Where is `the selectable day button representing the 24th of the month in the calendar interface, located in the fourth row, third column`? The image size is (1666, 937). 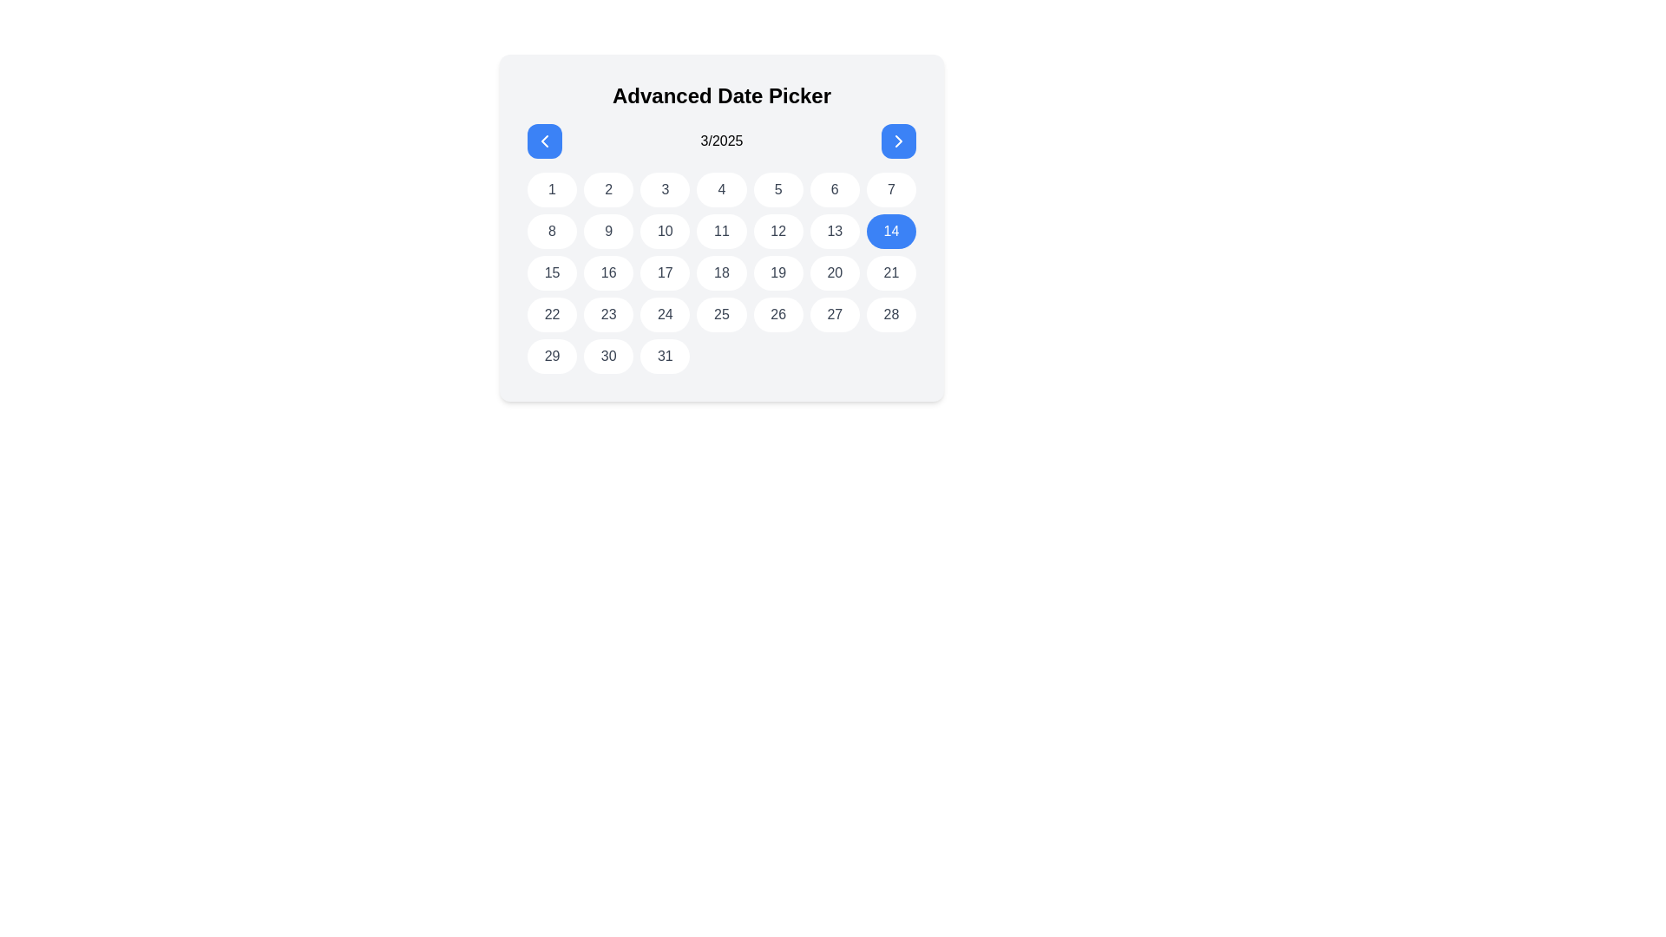 the selectable day button representing the 24th of the month in the calendar interface, located in the fourth row, third column is located at coordinates (664, 314).